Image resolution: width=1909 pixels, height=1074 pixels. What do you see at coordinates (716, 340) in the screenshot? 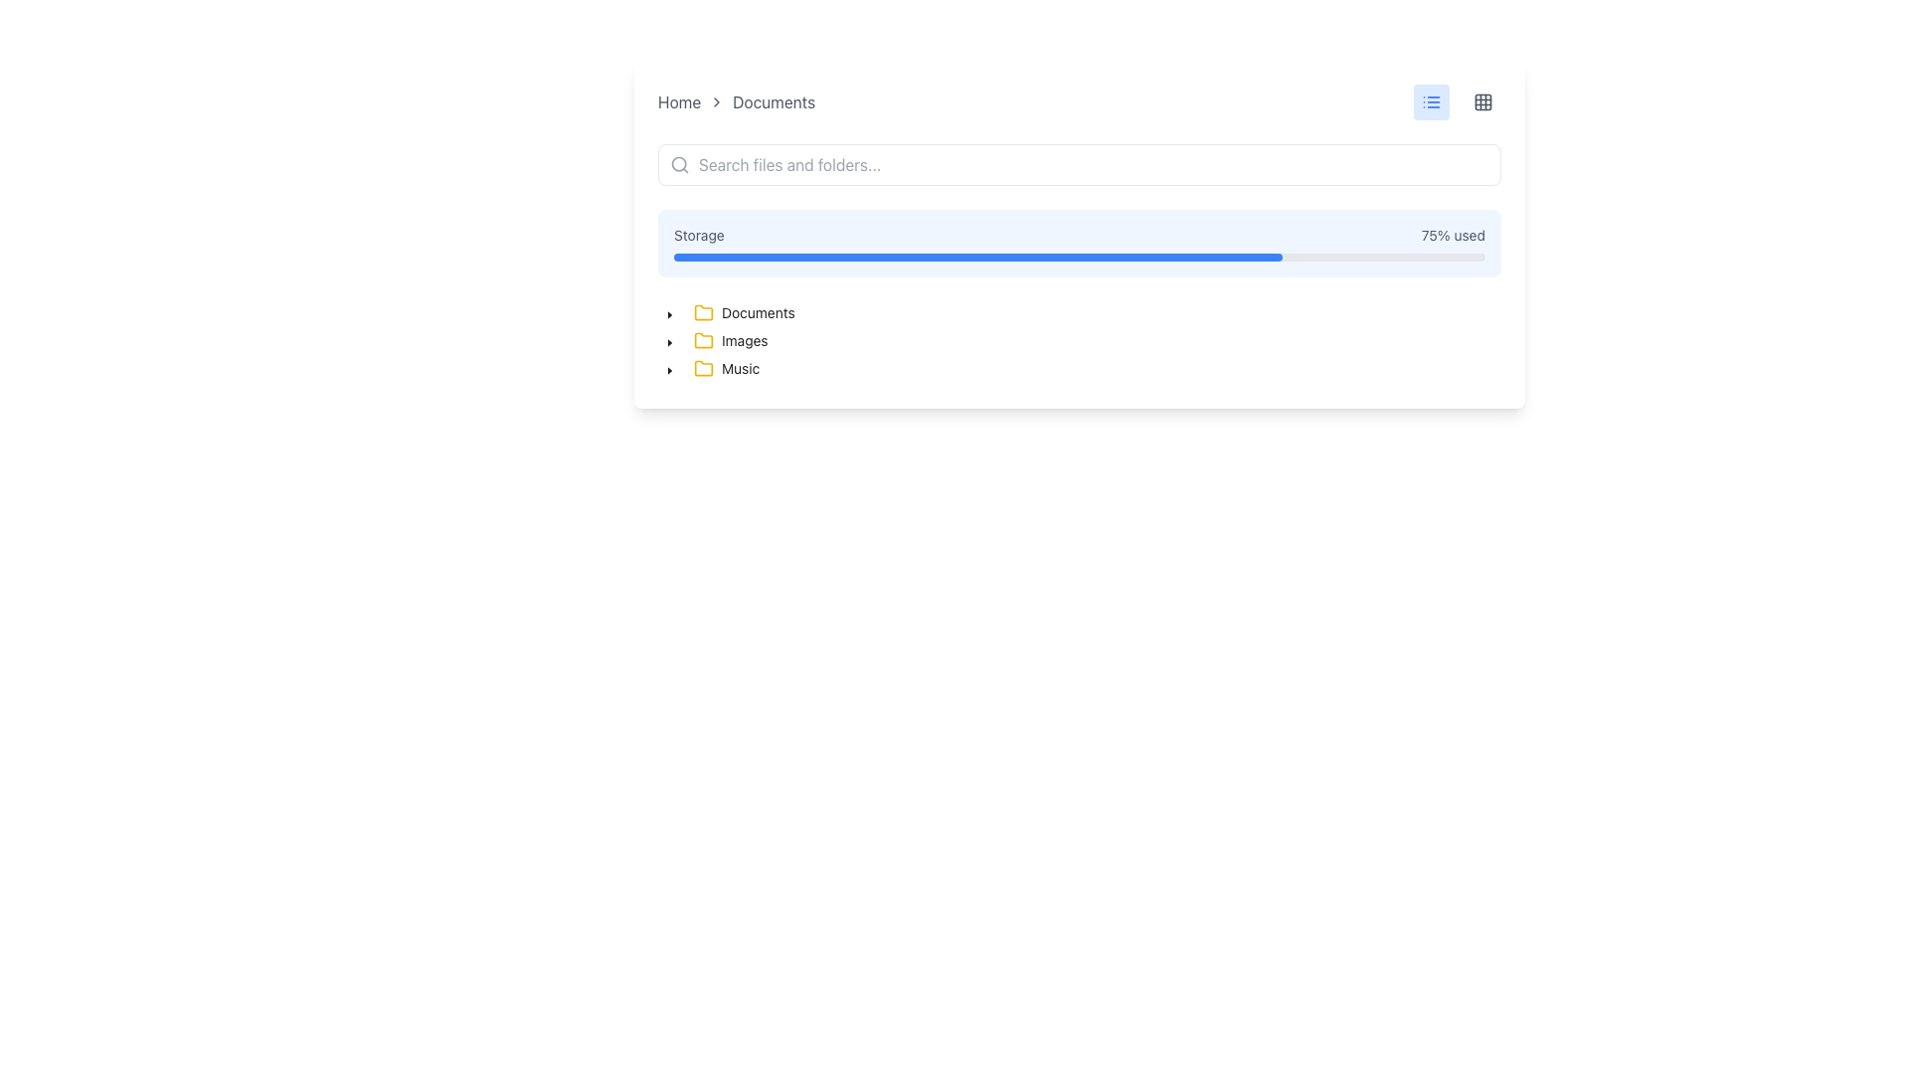
I see `the 'Images' folder item, which is the second item in the vertical list of folders` at bounding box center [716, 340].